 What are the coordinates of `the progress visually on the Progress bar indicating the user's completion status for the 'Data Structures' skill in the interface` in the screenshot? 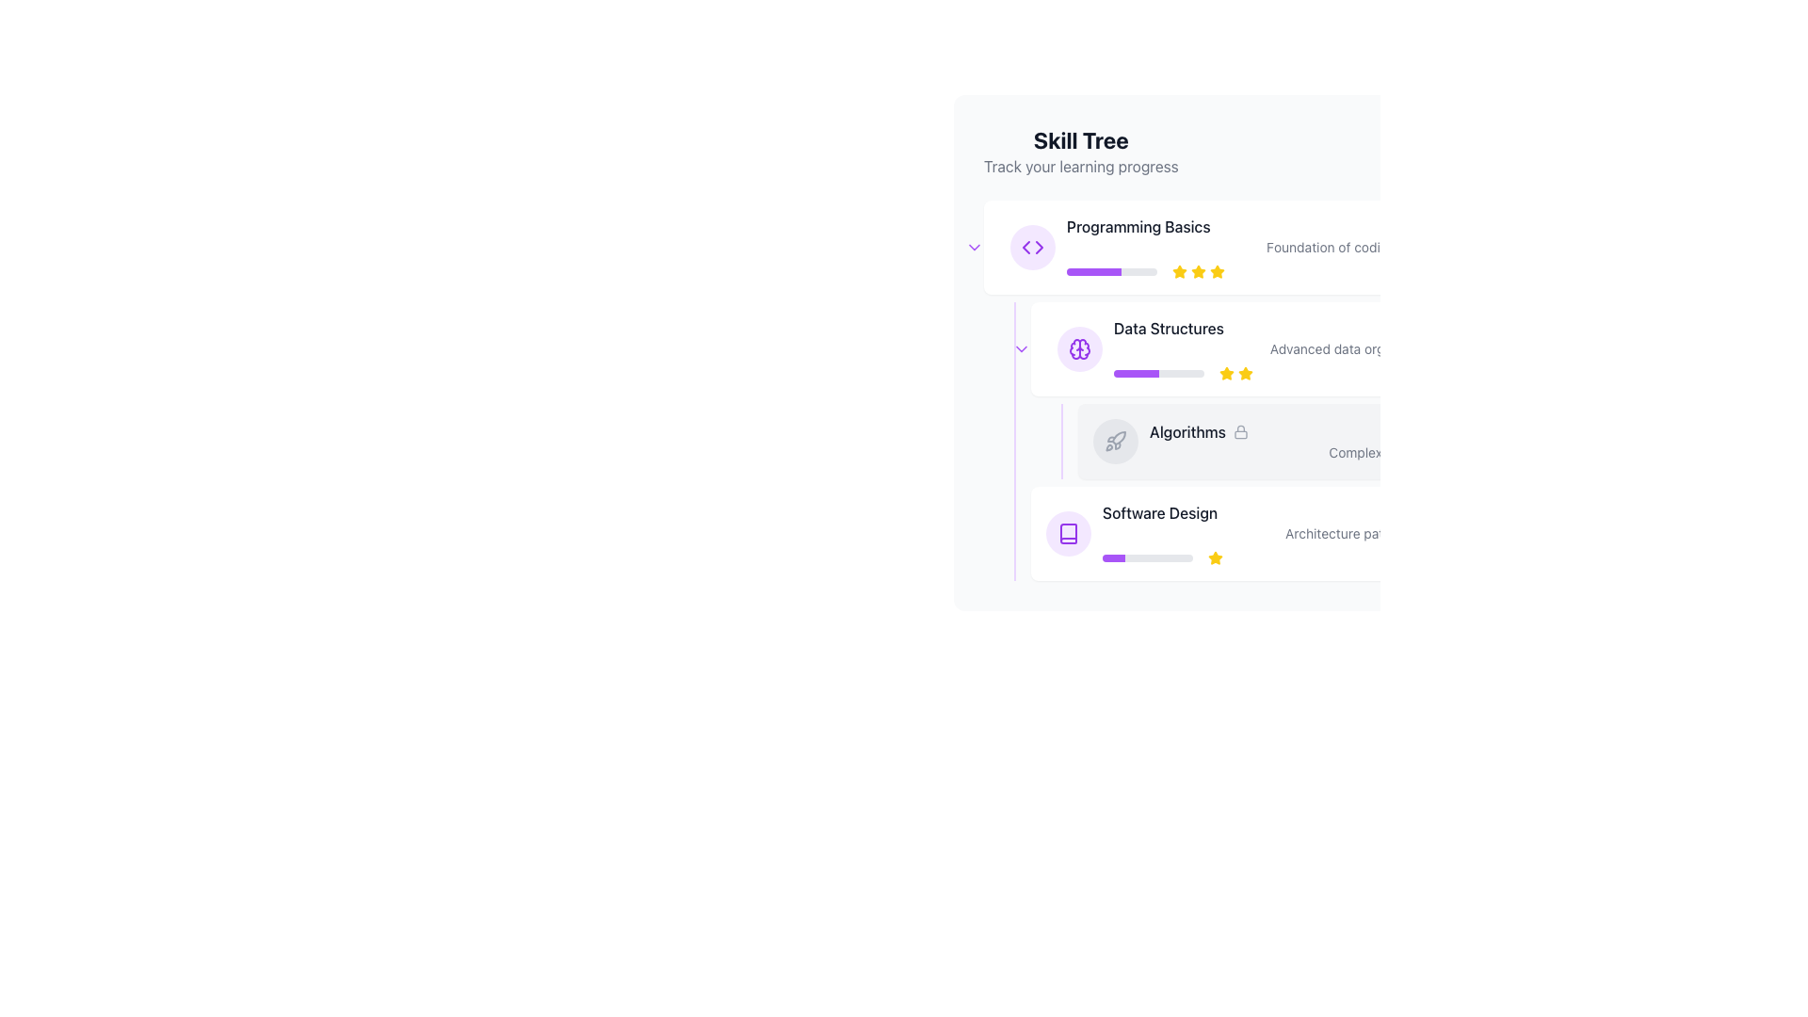 It's located at (1135, 374).